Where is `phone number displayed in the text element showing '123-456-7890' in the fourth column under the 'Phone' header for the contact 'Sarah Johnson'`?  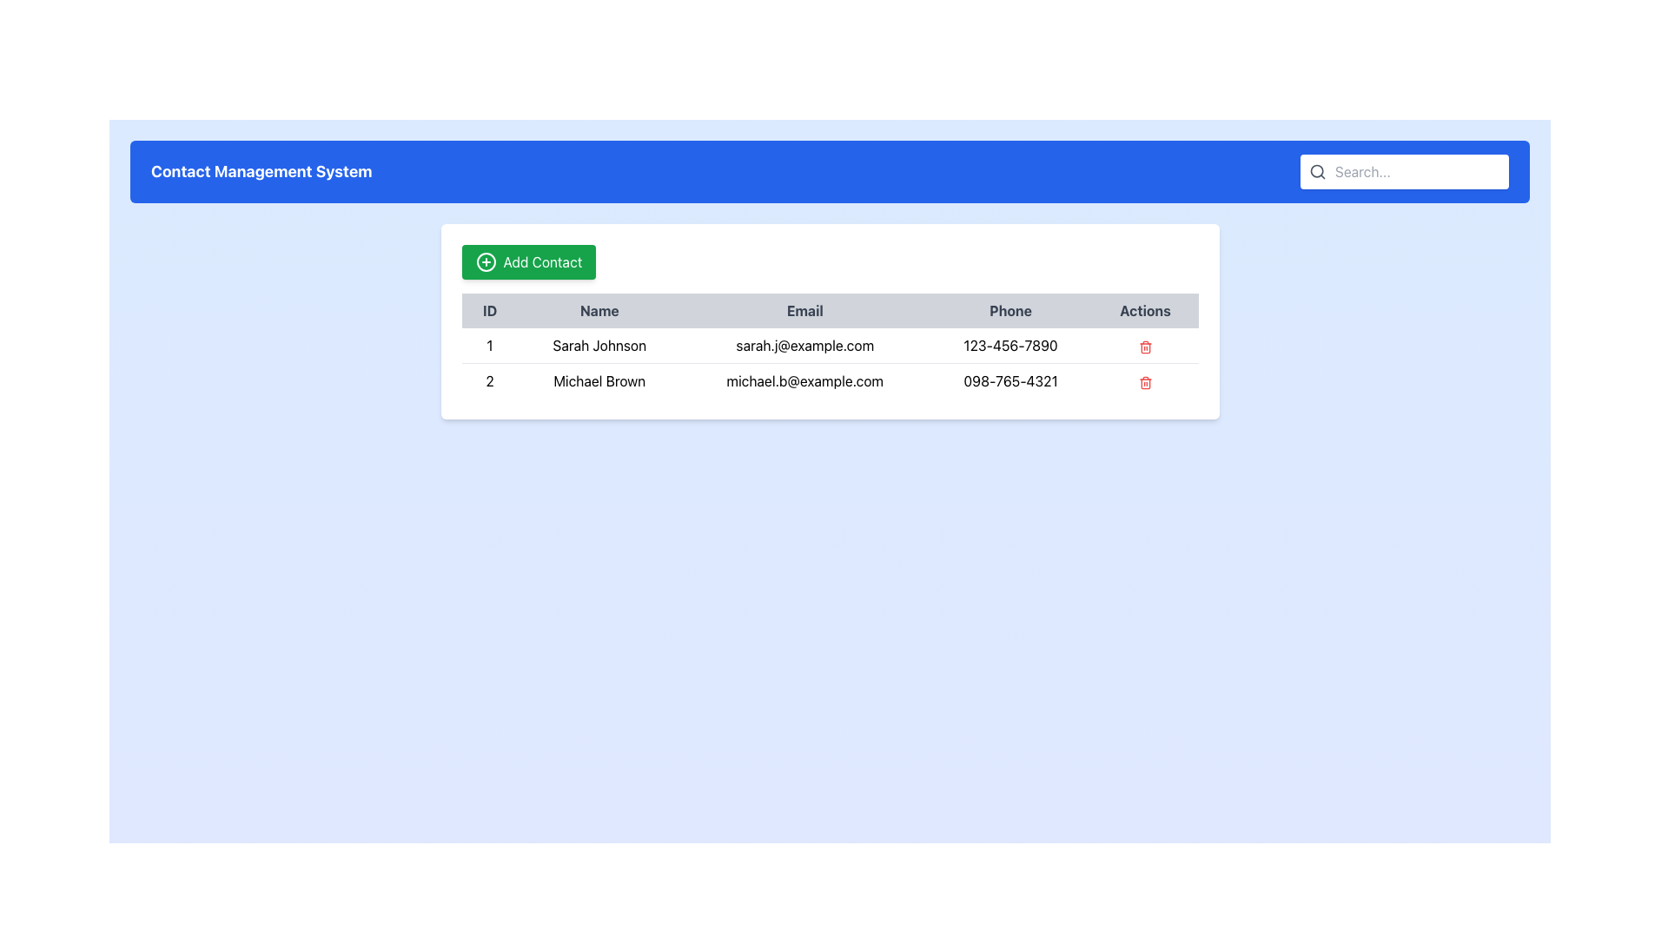 phone number displayed in the text element showing '123-456-7890' in the fourth column under the 'Phone' header for the contact 'Sarah Johnson' is located at coordinates (1010, 346).